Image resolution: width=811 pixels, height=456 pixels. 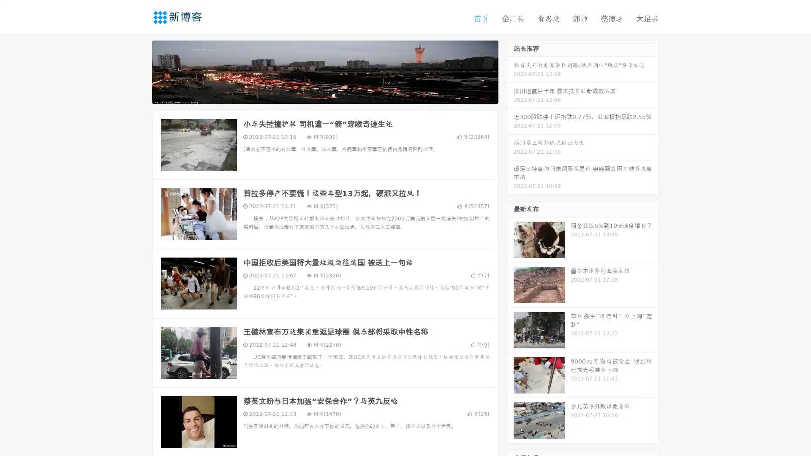 What do you see at coordinates (139, 71) in the screenshot?
I see `Previous slide` at bounding box center [139, 71].